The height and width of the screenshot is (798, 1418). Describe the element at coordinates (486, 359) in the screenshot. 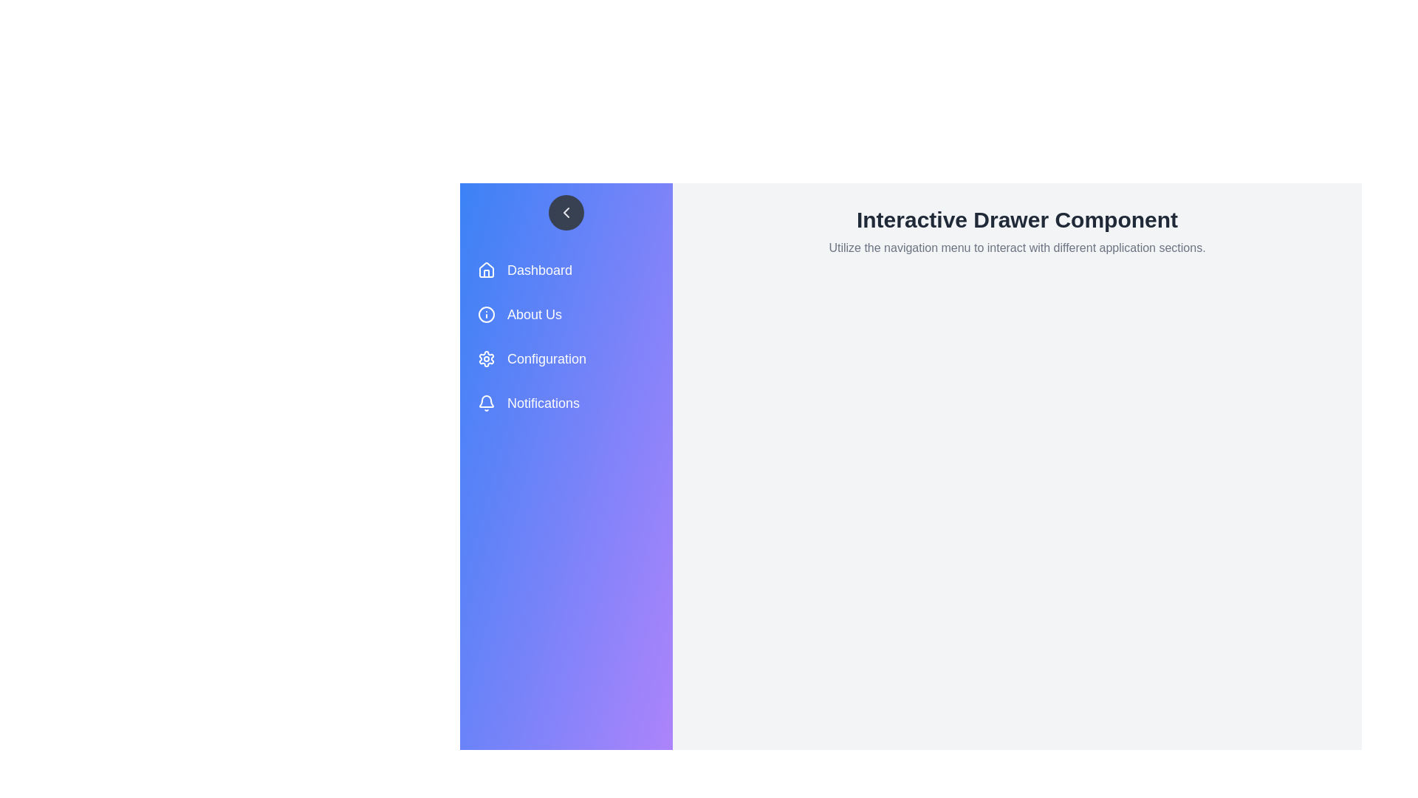

I see `the settings button located in the navigation sidebar, which is the third item in the sidebar options and aligns horizontally with the 'Configuration' text label` at that location.